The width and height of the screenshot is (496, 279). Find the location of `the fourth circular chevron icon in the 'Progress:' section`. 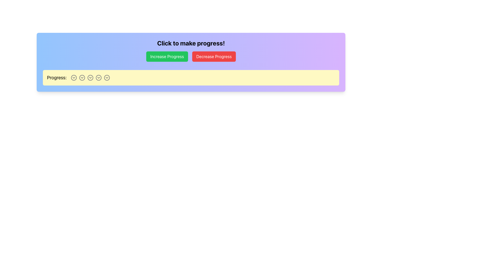

the fourth circular chevron icon in the 'Progress:' section is located at coordinates (99, 78).